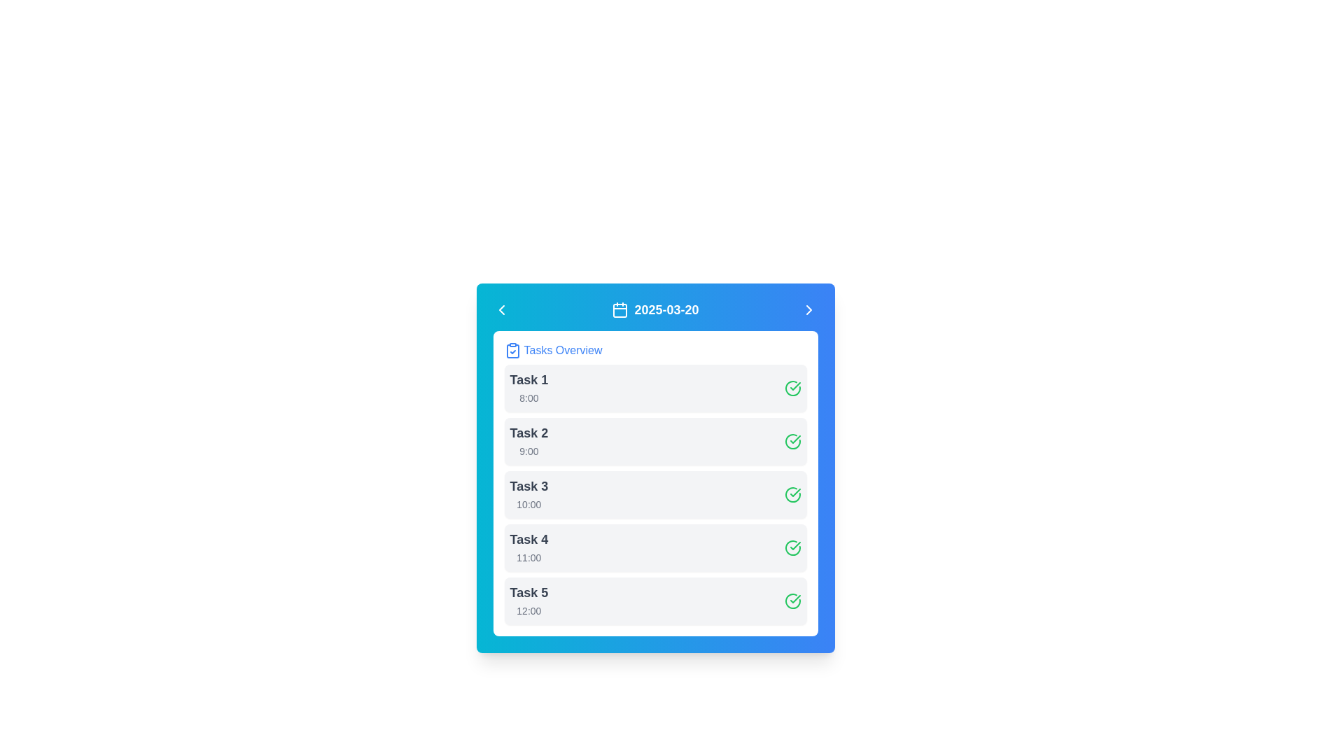  I want to click on the Text label indicating the scheduled time for 'Task 2' in the 'Tasks Overview' section of the scheduling interface, so click(528, 451).